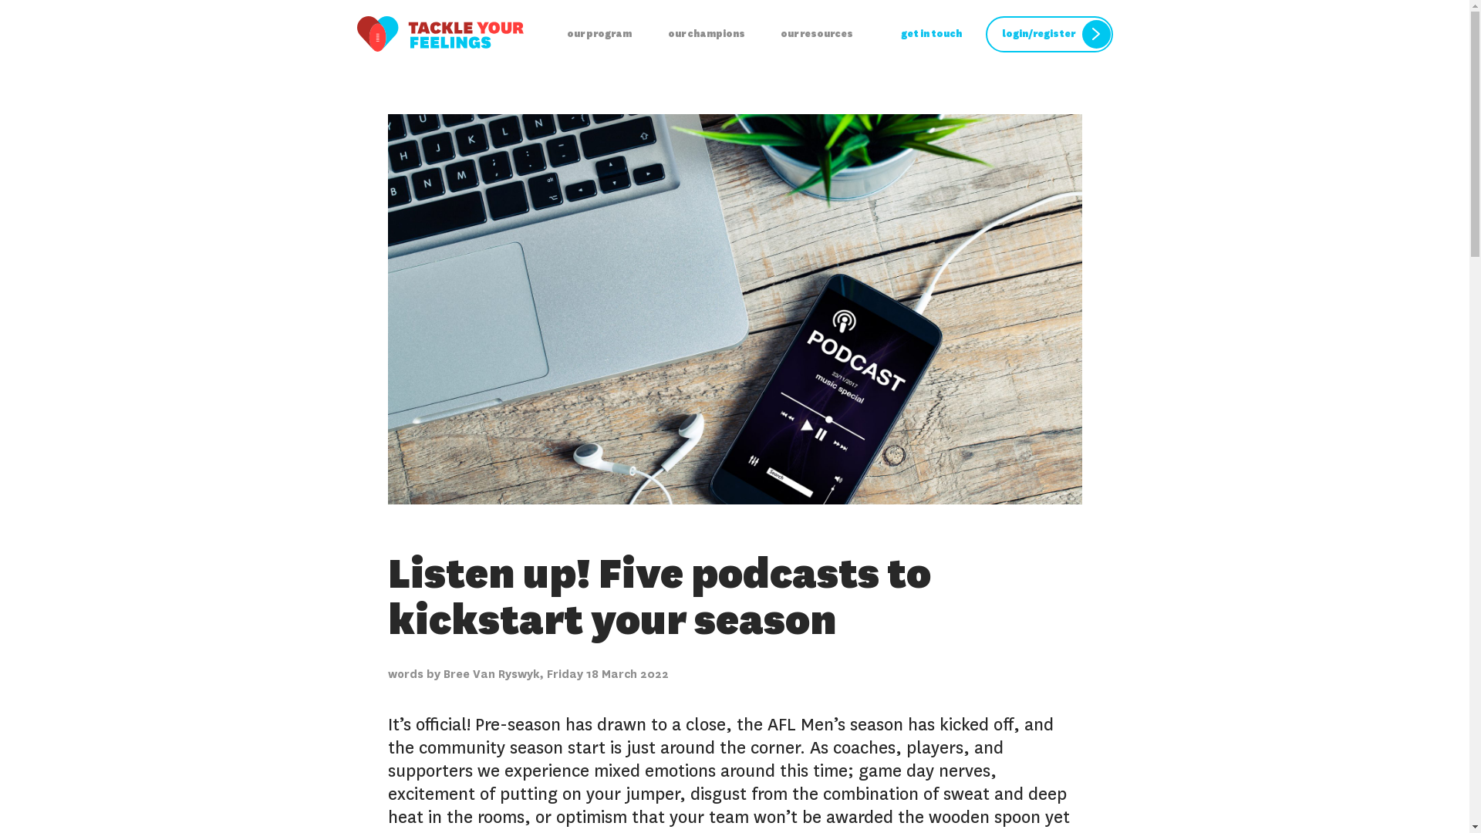 The width and height of the screenshot is (1481, 833). Describe the element at coordinates (599, 34) in the screenshot. I see `'our program'` at that location.